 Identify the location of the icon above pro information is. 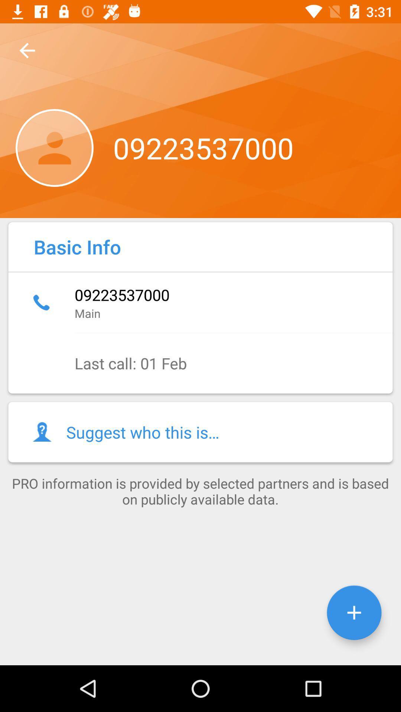
(200, 432).